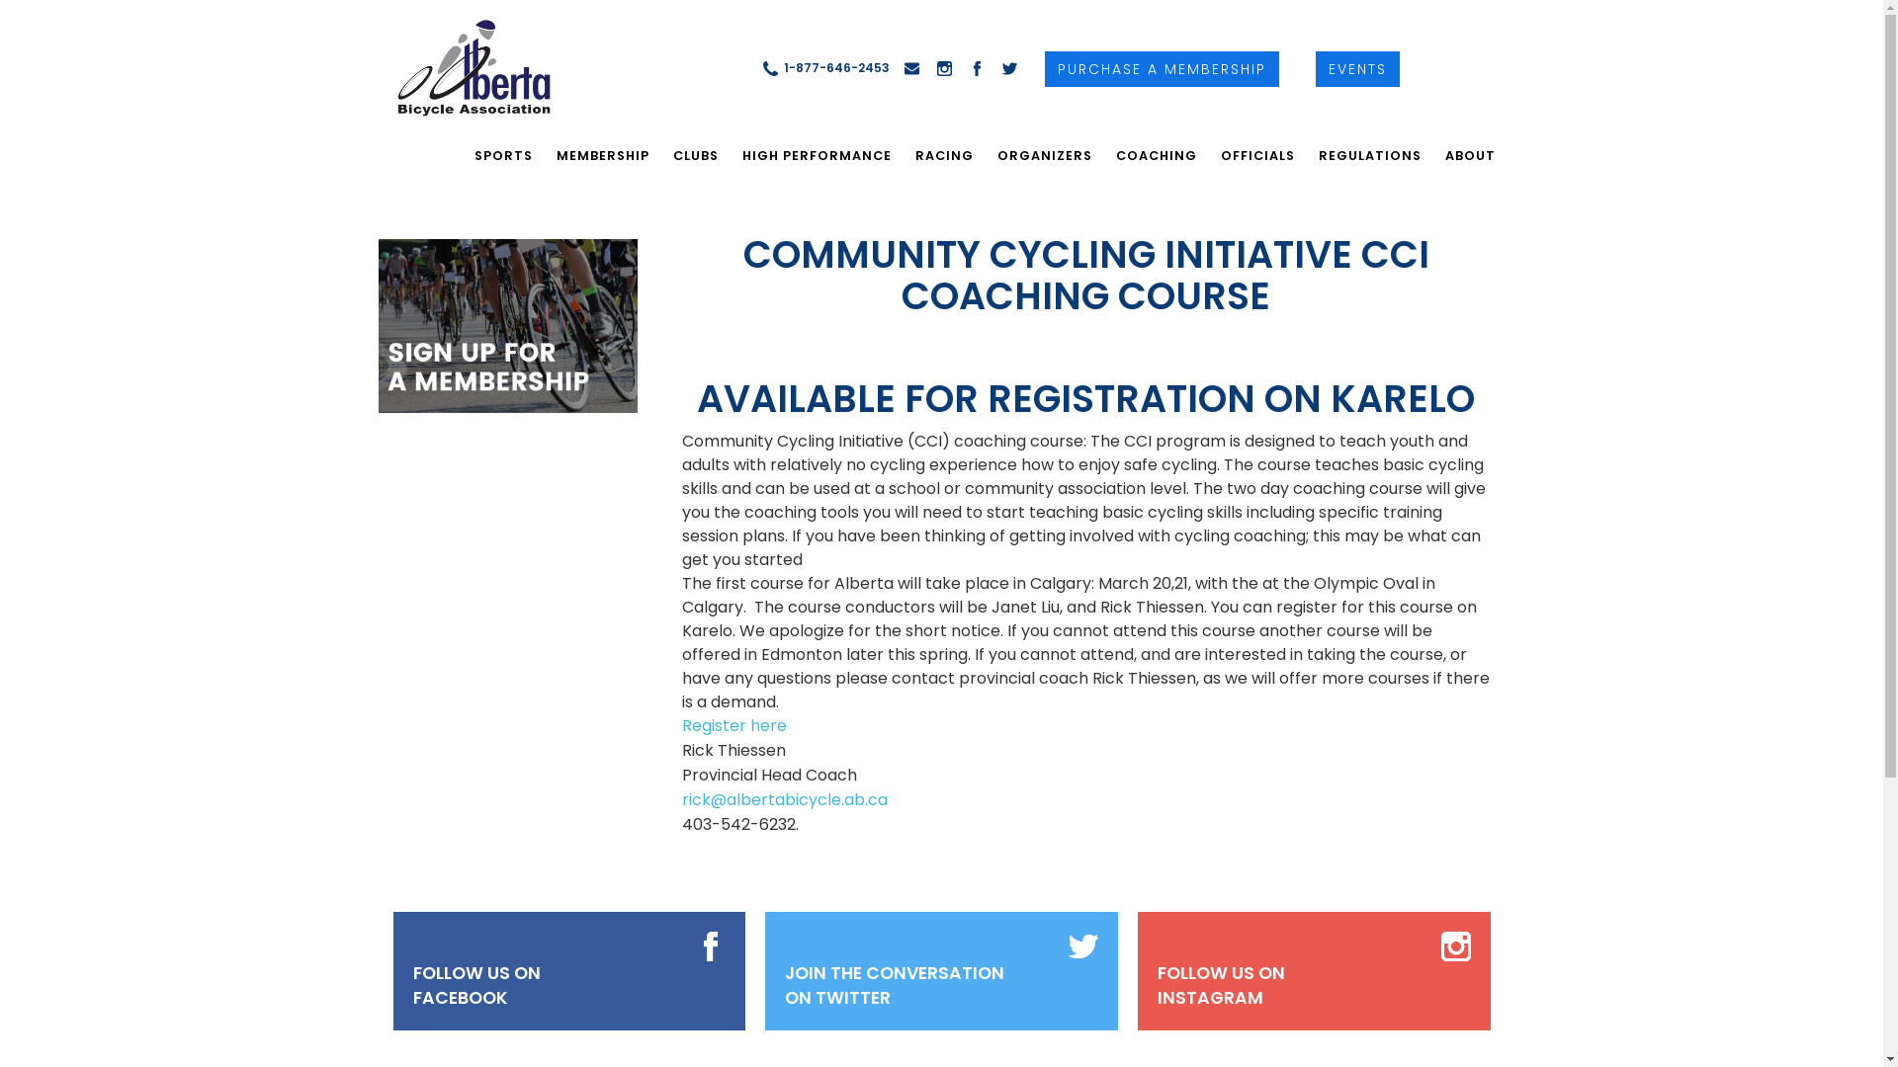 The height and width of the screenshot is (1067, 1898). I want to click on 'ORGANIZERS', so click(1043, 155).